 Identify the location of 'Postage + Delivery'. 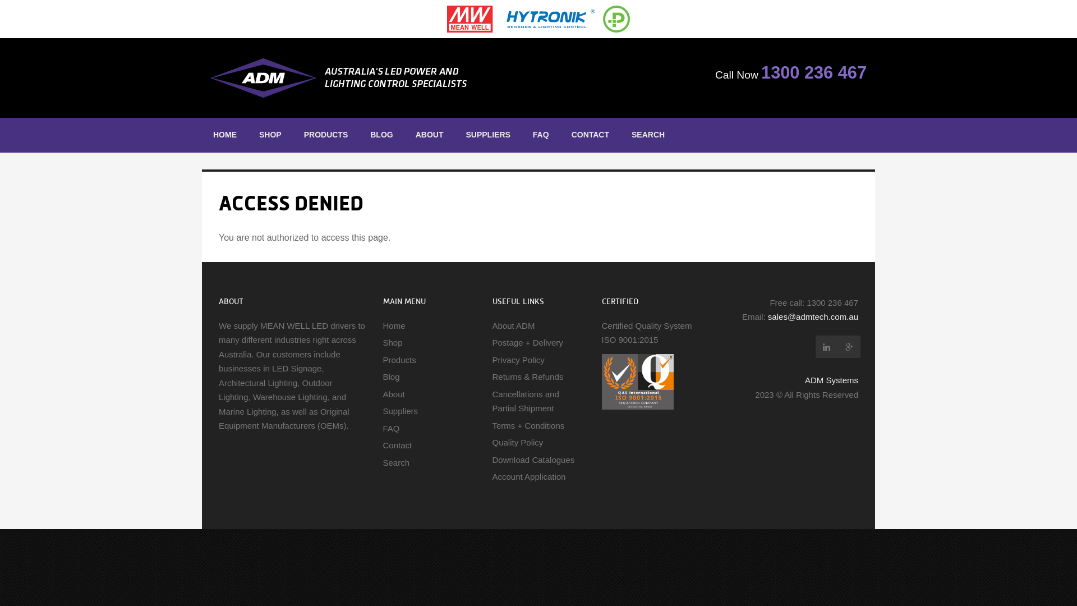
(527, 342).